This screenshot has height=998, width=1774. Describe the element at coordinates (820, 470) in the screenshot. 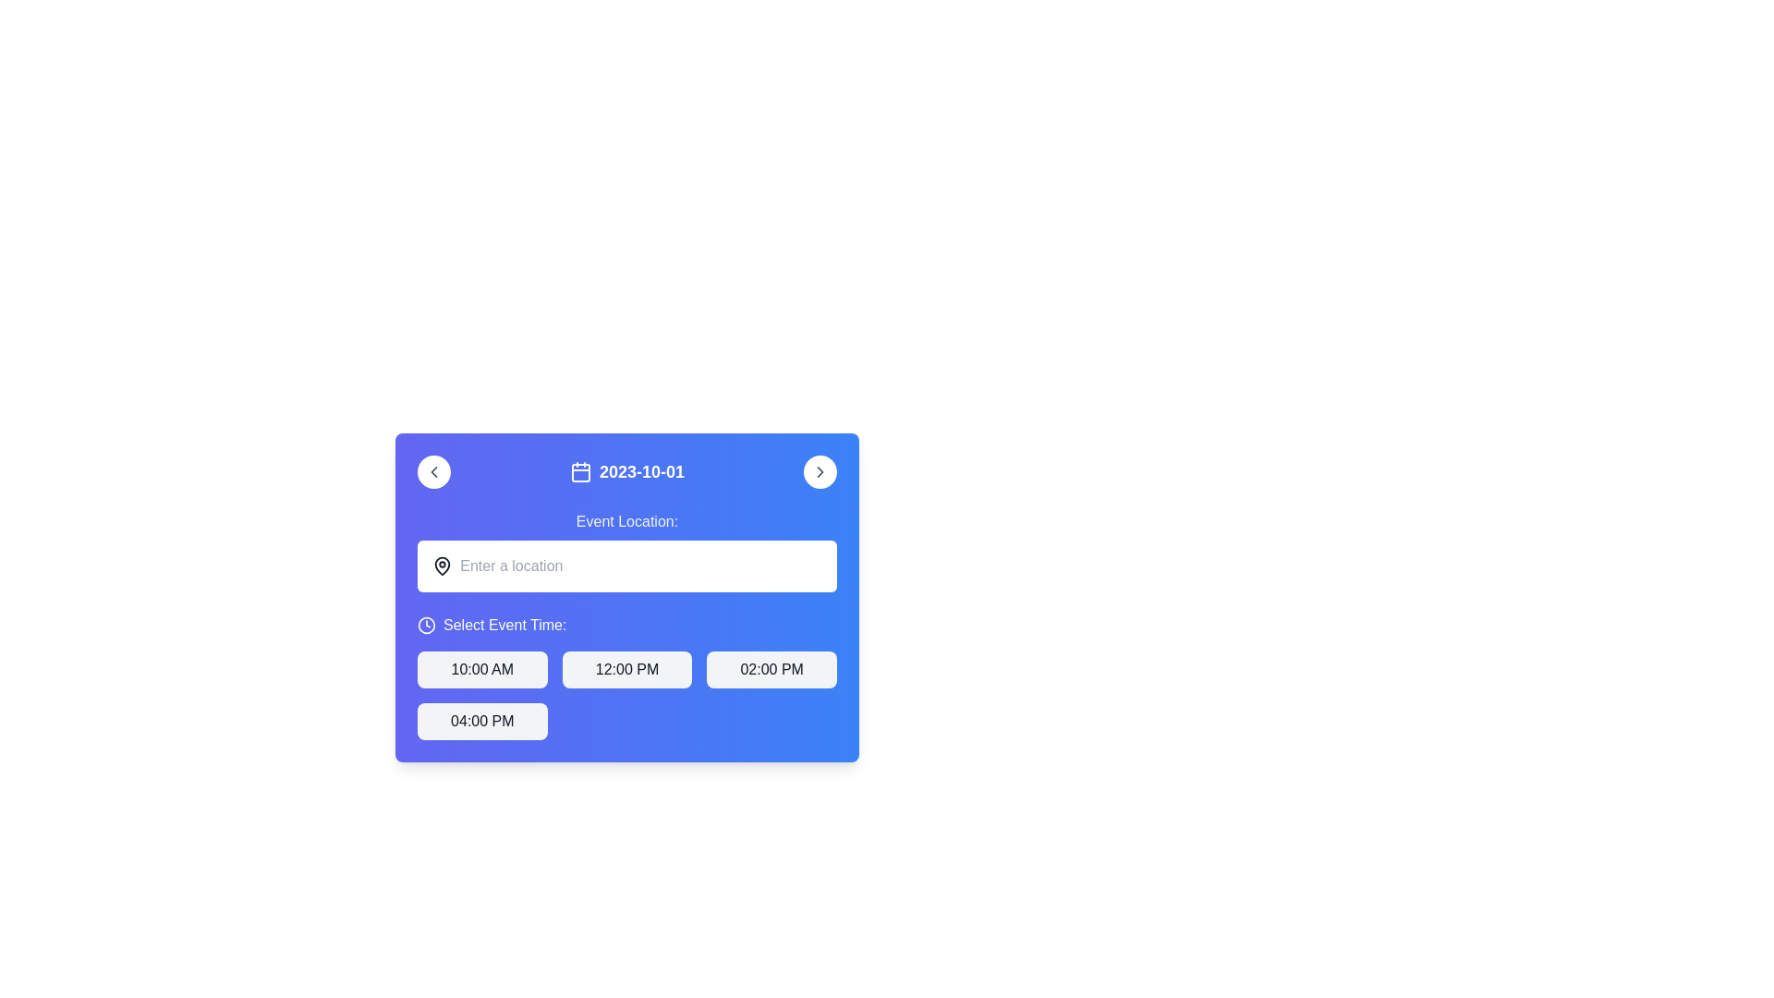

I see `the chevron-right icon located on the right side of the interface, which is part of a draggable component` at that location.